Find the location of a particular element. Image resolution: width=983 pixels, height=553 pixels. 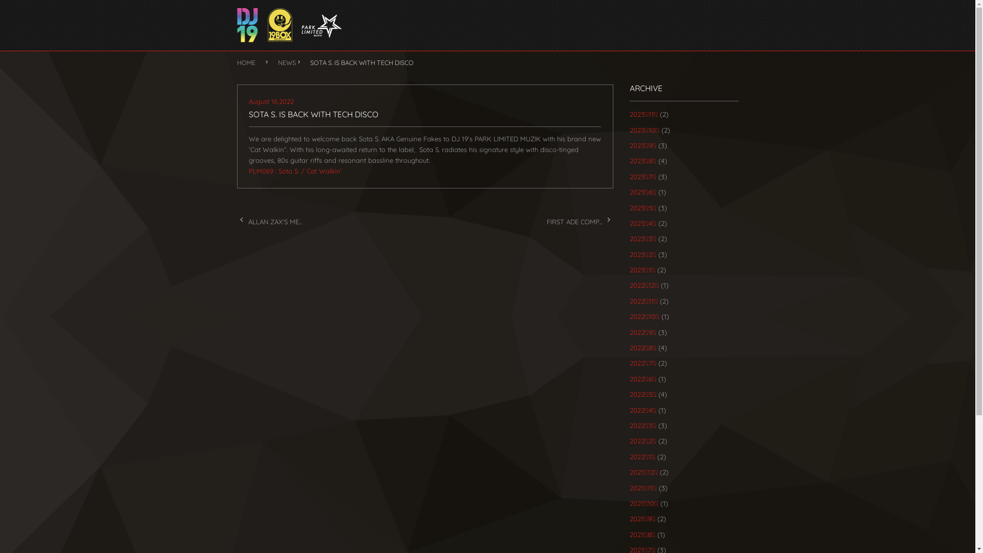

'NEWS' is located at coordinates (286, 62).